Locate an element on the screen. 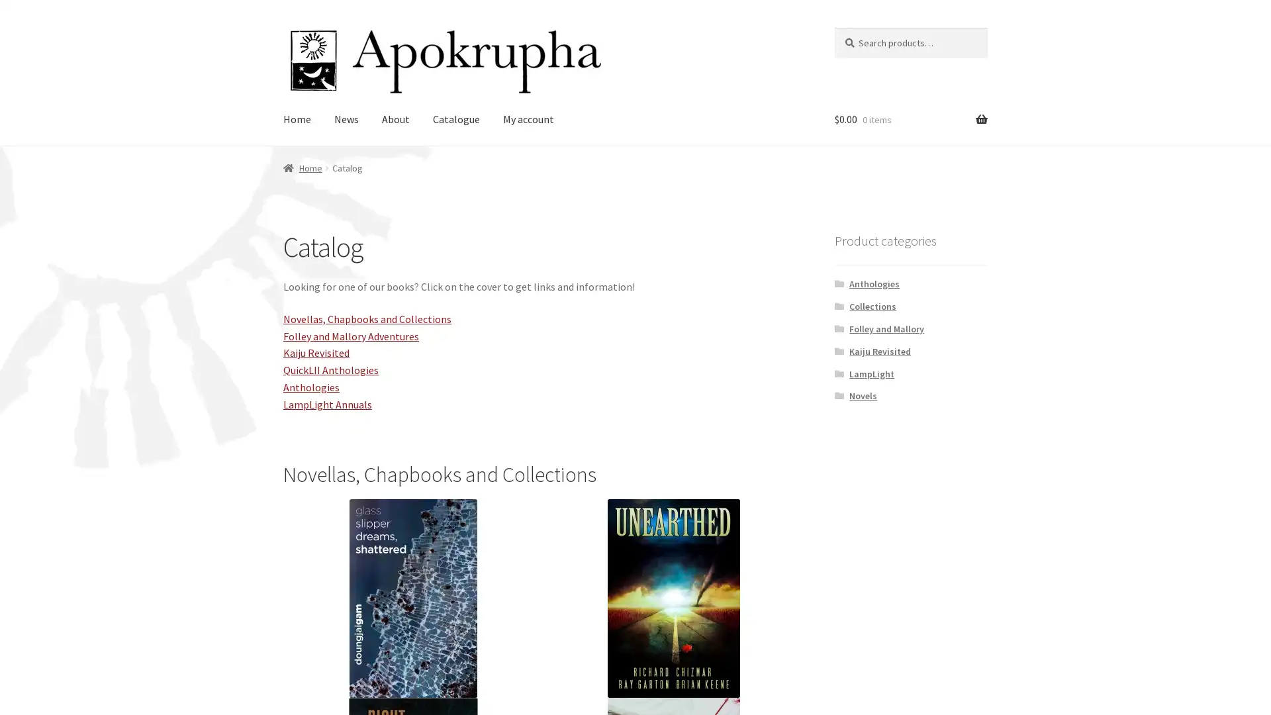 Image resolution: width=1271 pixels, height=715 pixels. Search is located at coordinates (833, 26).